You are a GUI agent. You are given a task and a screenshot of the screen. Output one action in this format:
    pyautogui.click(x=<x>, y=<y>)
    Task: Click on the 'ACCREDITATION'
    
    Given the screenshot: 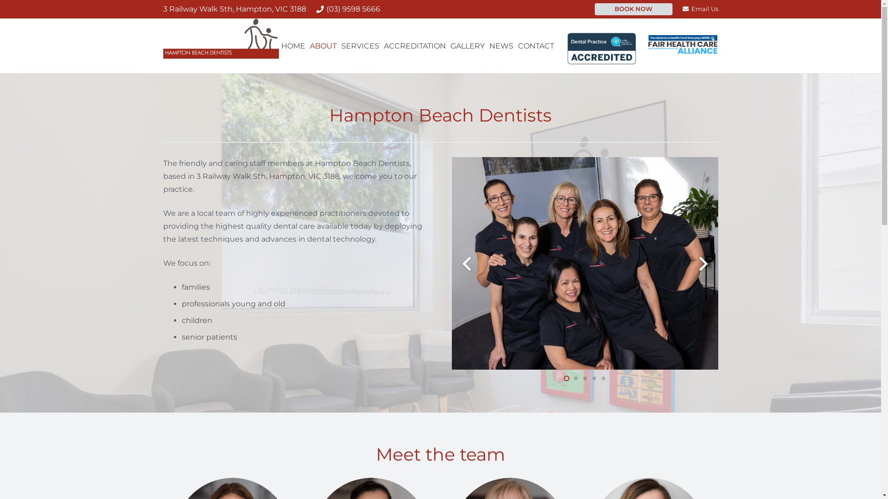 What is the action you would take?
    pyautogui.click(x=414, y=46)
    